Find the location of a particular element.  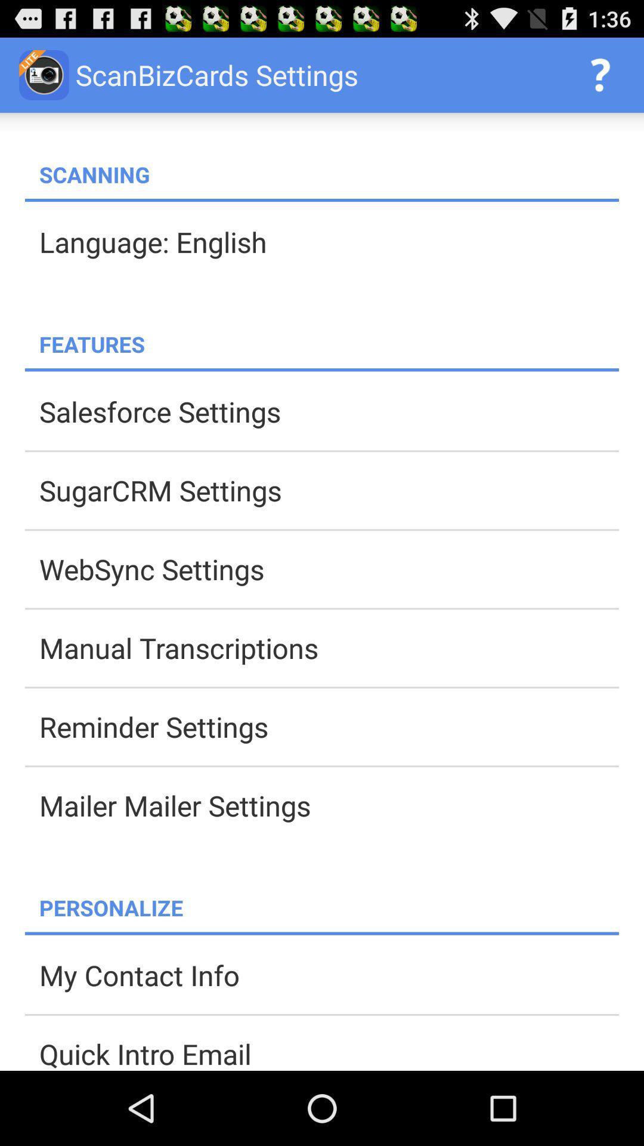

icon below scanning item is located at coordinates (322, 200).